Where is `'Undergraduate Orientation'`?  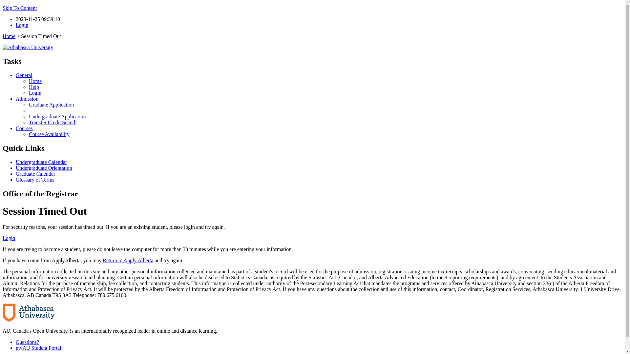
'Undergraduate Orientation' is located at coordinates (16, 167).